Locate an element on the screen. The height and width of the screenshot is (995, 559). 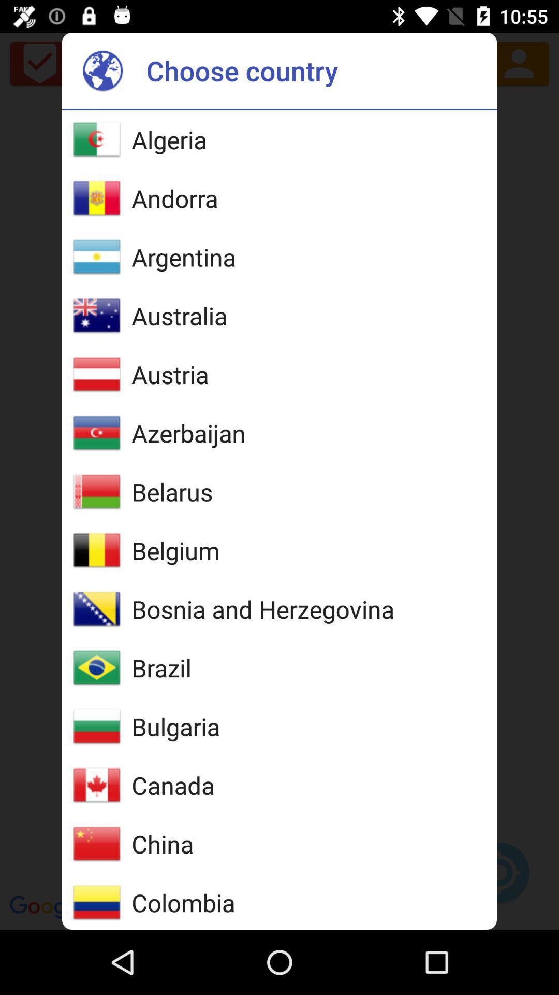
icon above china item is located at coordinates (172, 785).